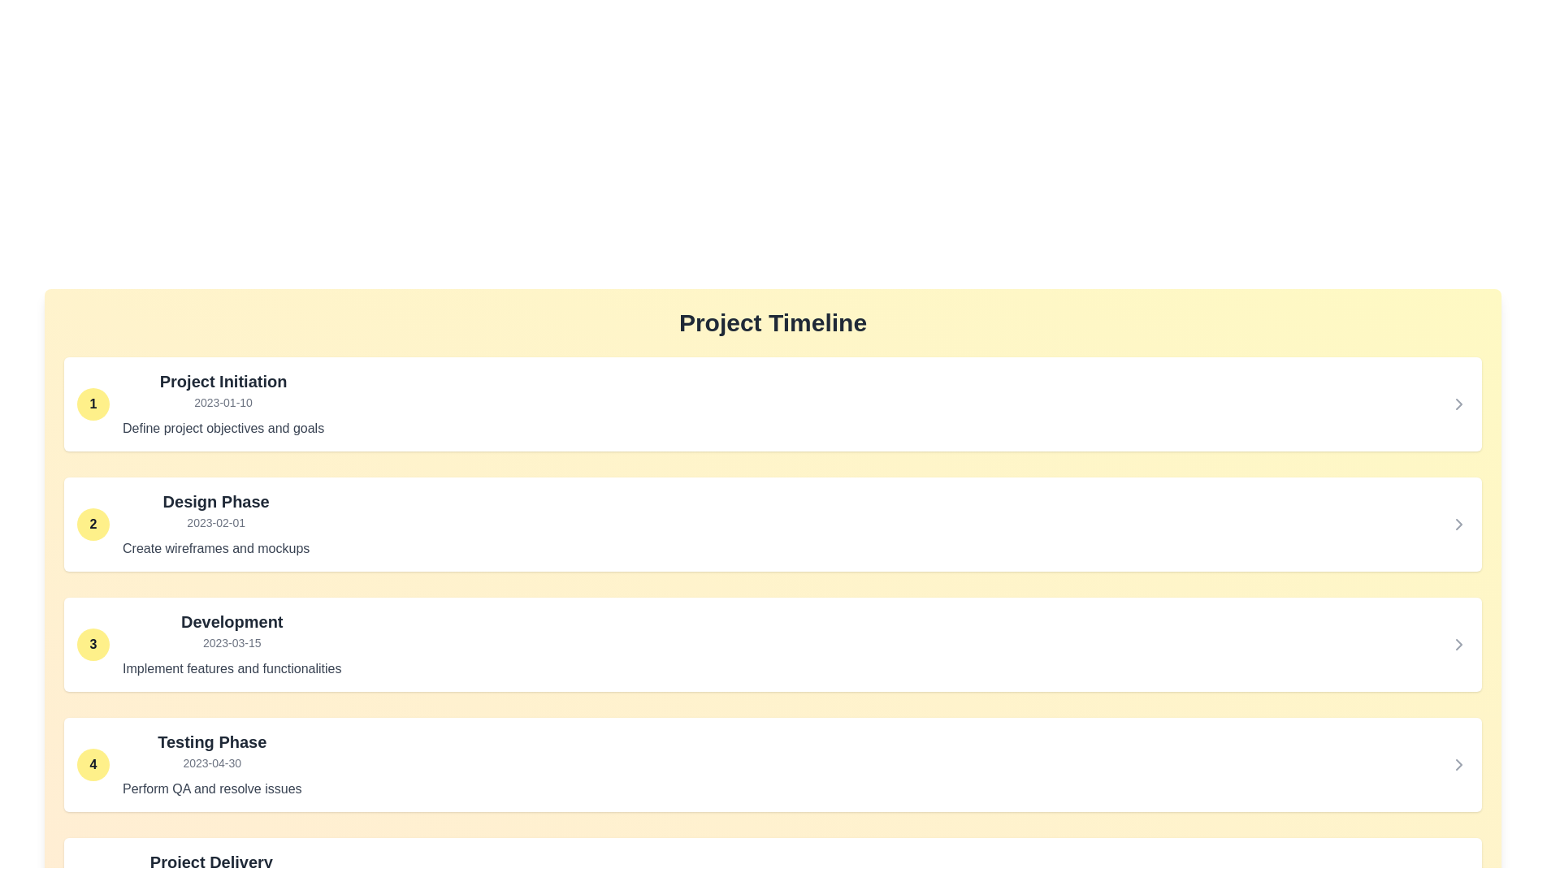 This screenshot has height=877, width=1560. I want to click on text content of the 'Testing Phase' card, which includes its title, associated date, and a short description, located in the fourth position within the sequence of project phase cards, so click(211, 764).